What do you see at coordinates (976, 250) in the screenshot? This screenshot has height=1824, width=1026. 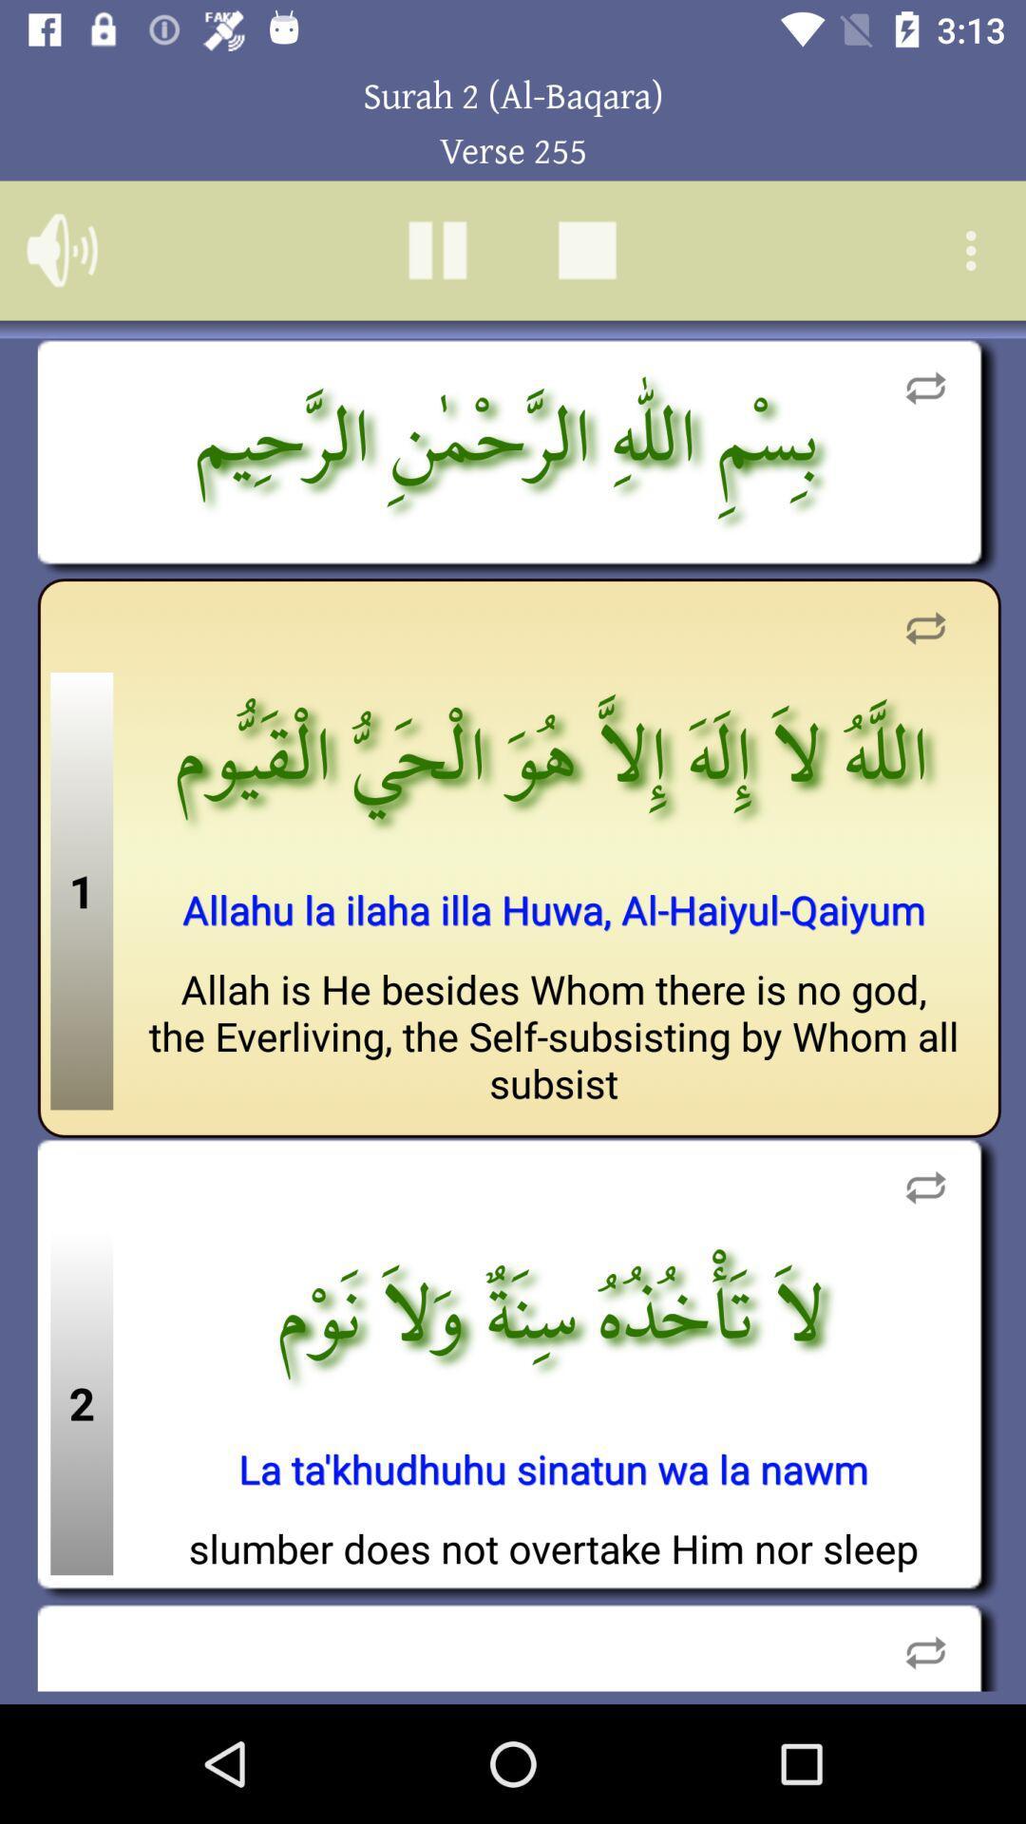 I see `item below surah 2 al icon` at bounding box center [976, 250].